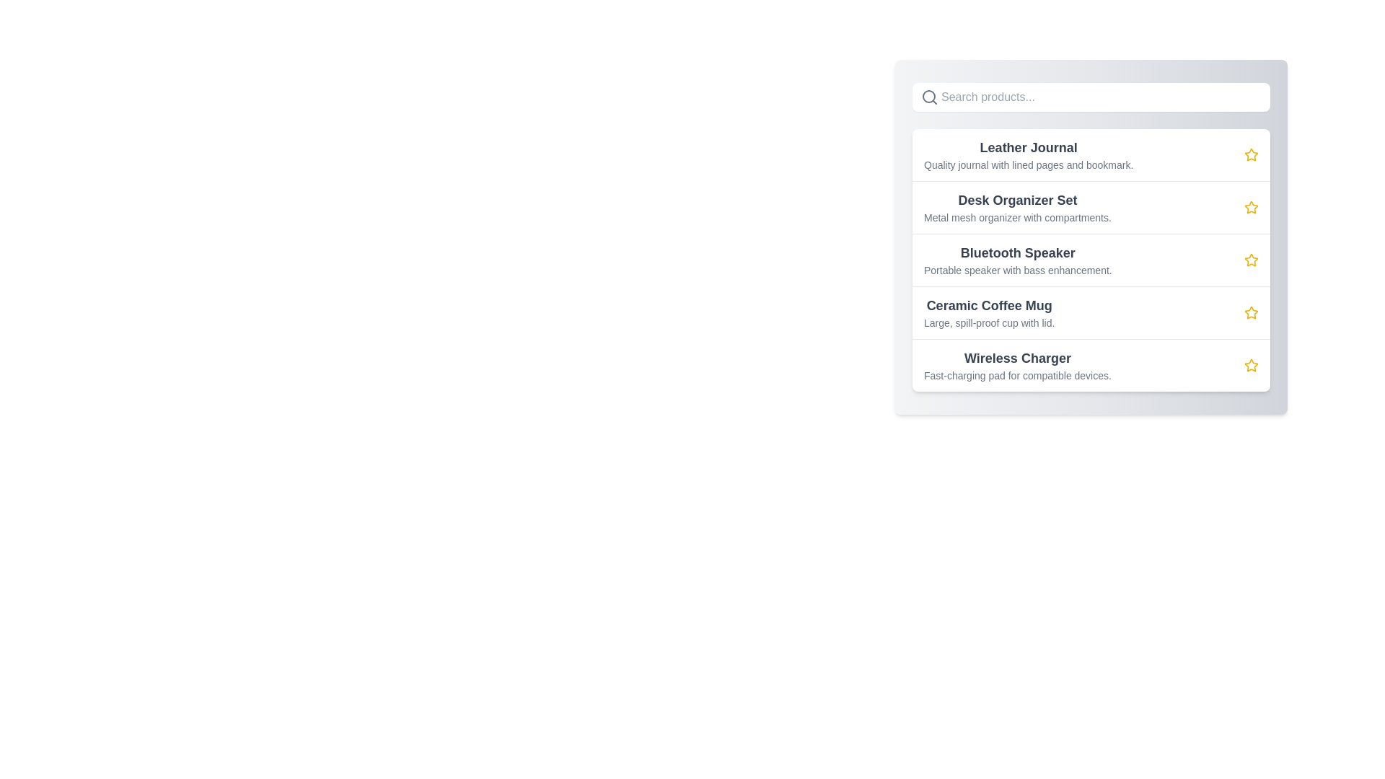 The height and width of the screenshot is (779, 1385). What do you see at coordinates (988, 305) in the screenshot?
I see `the text label reading 'Ceramic Coffee Mug', which is styled with a large, bold font and dark gray color, located prominently in the third row of a vertically arranged list` at bounding box center [988, 305].